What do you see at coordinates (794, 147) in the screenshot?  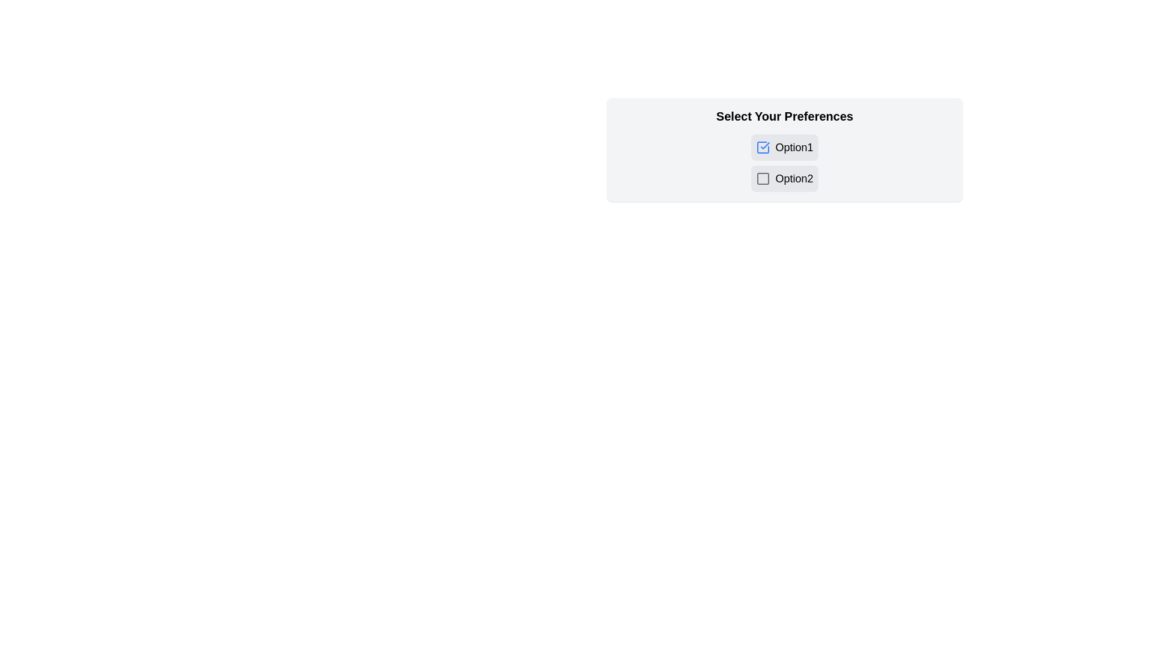 I see `the 'Option1' text label that identifies the first checkbox option under 'Select Your Preferences'` at bounding box center [794, 147].